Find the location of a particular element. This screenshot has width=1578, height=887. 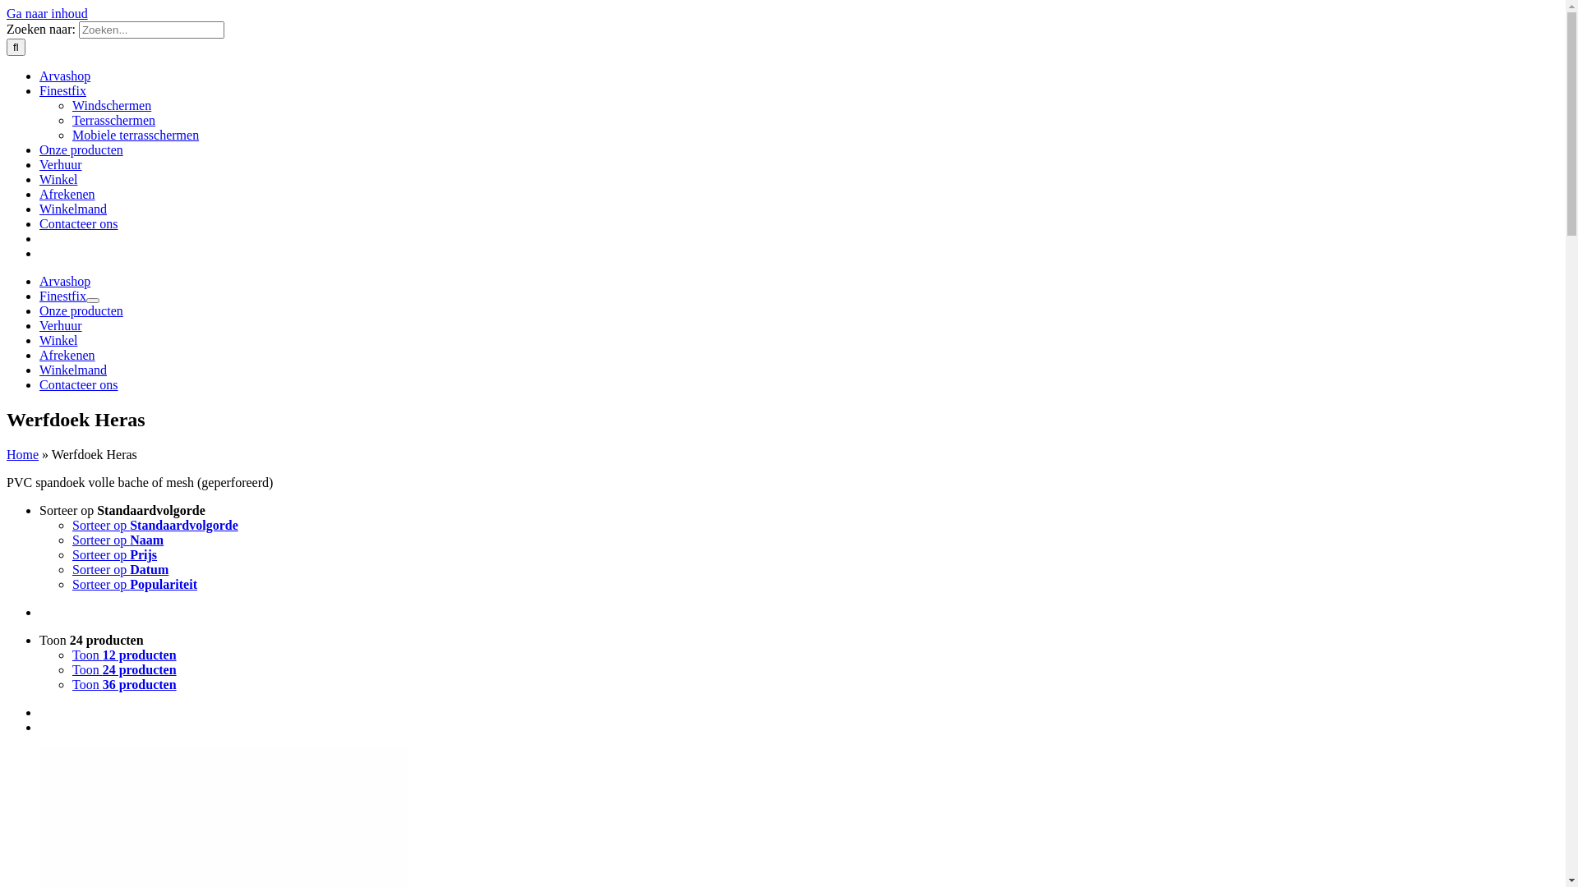

'Sorteer op Prijs' is located at coordinates (113, 554).